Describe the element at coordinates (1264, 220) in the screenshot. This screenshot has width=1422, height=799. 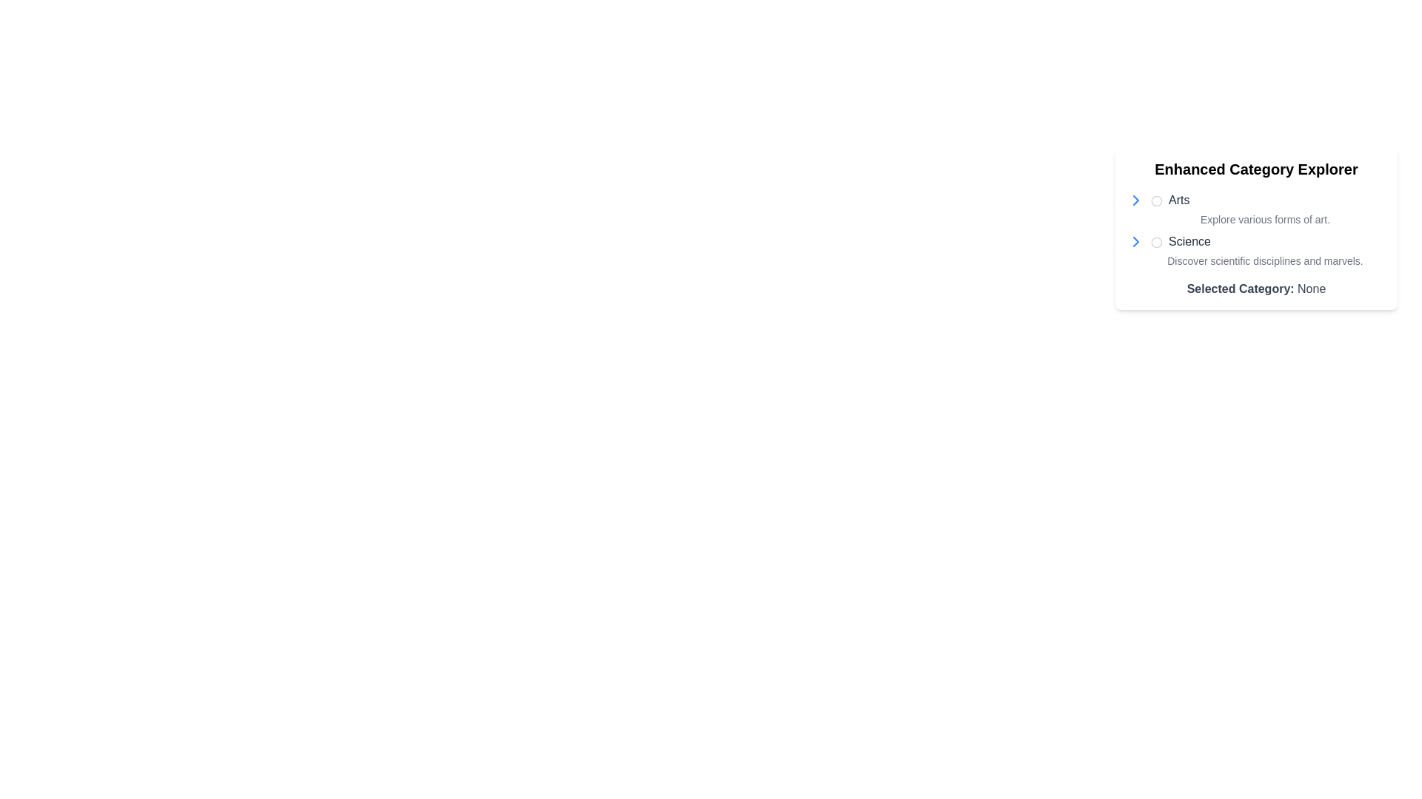
I see `the text label displaying 'Explore various forms of art.', which is positioned below the 'Arts' option in the category selection interface` at that location.